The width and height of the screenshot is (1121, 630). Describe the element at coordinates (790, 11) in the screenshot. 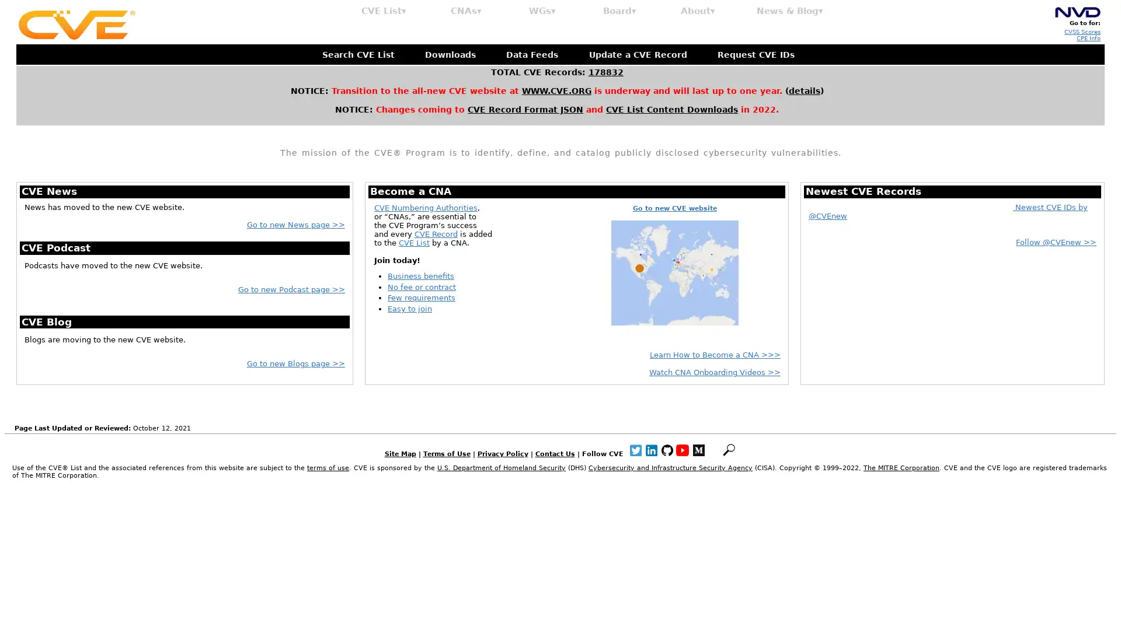

I see `News & Blog` at that location.